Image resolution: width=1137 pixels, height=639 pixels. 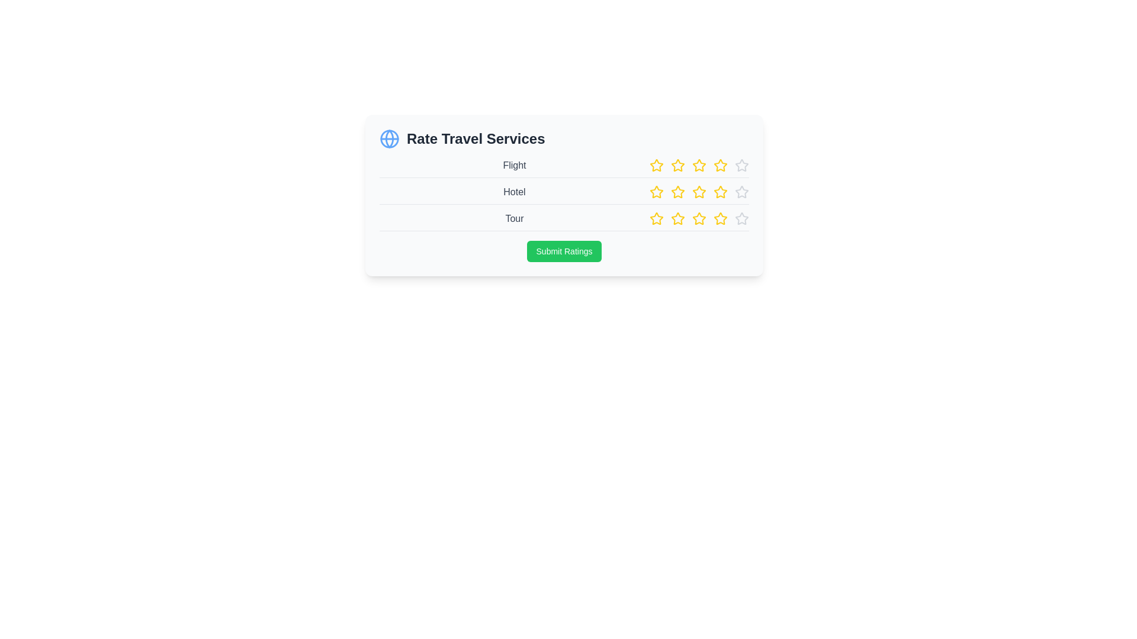 I want to click on the fourth yellow star icon used for rating the 'Flight' service in the 'Rate Travel Services' panel, if keyboard navigation is supported, so click(x=699, y=165).